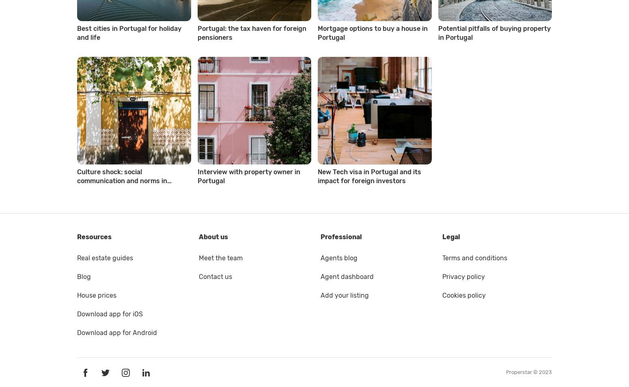 This screenshot has width=629, height=387. I want to click on 'Blog', so click(77, 276).